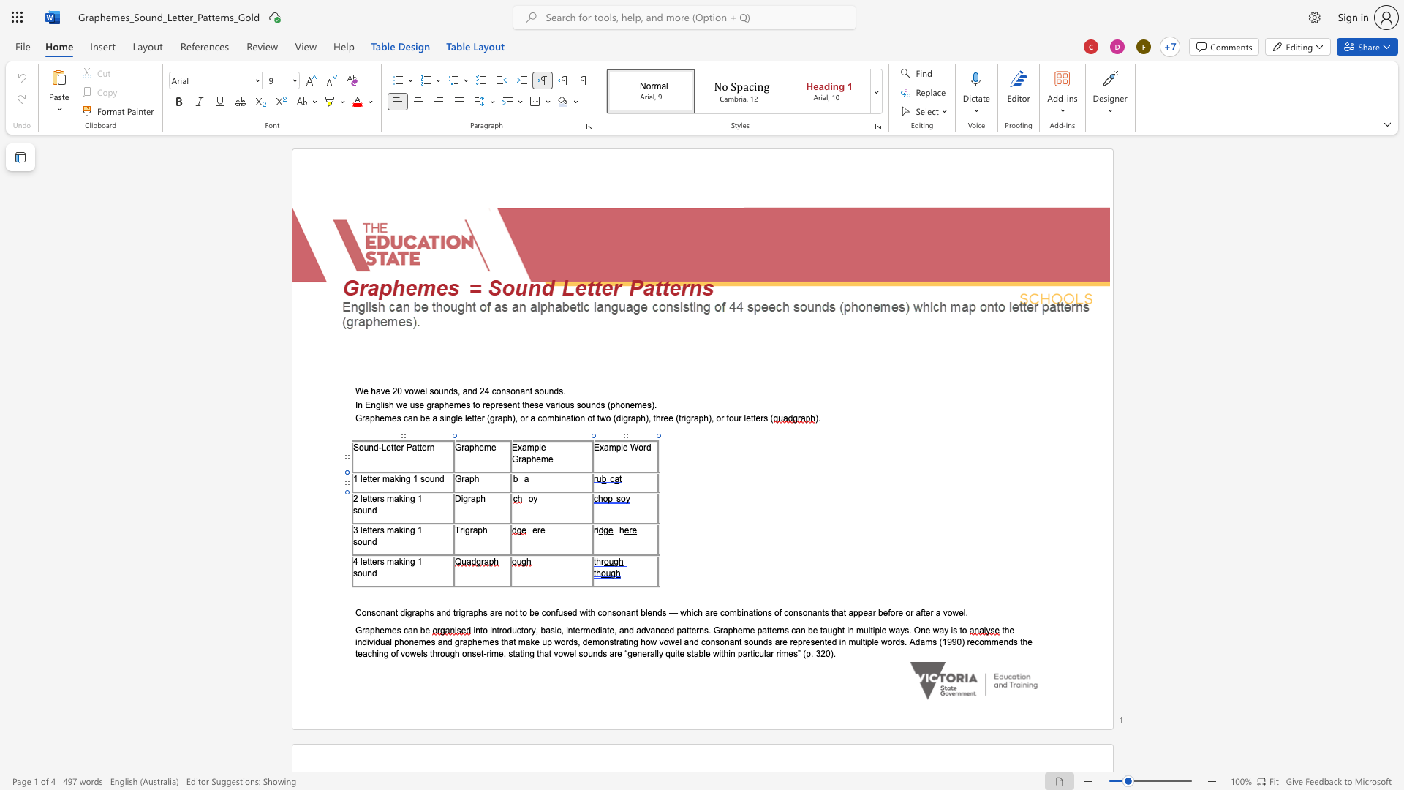 The width and height of the screenshot is (1404, 790). Describe the element at coordinates (474, 478) in the screenshot. I see `the space between the continuous character "p" and "h" in the text` at that location.